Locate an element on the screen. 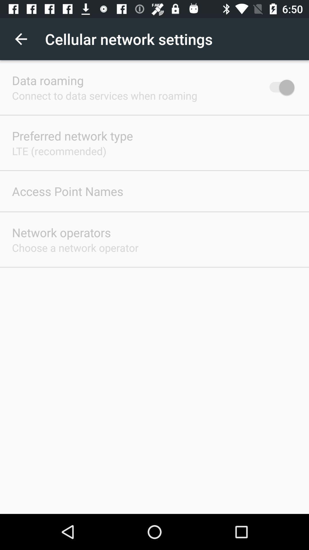 This screenshot has height=550, width=309. the network operators icon is located at coordinates (61, 232).